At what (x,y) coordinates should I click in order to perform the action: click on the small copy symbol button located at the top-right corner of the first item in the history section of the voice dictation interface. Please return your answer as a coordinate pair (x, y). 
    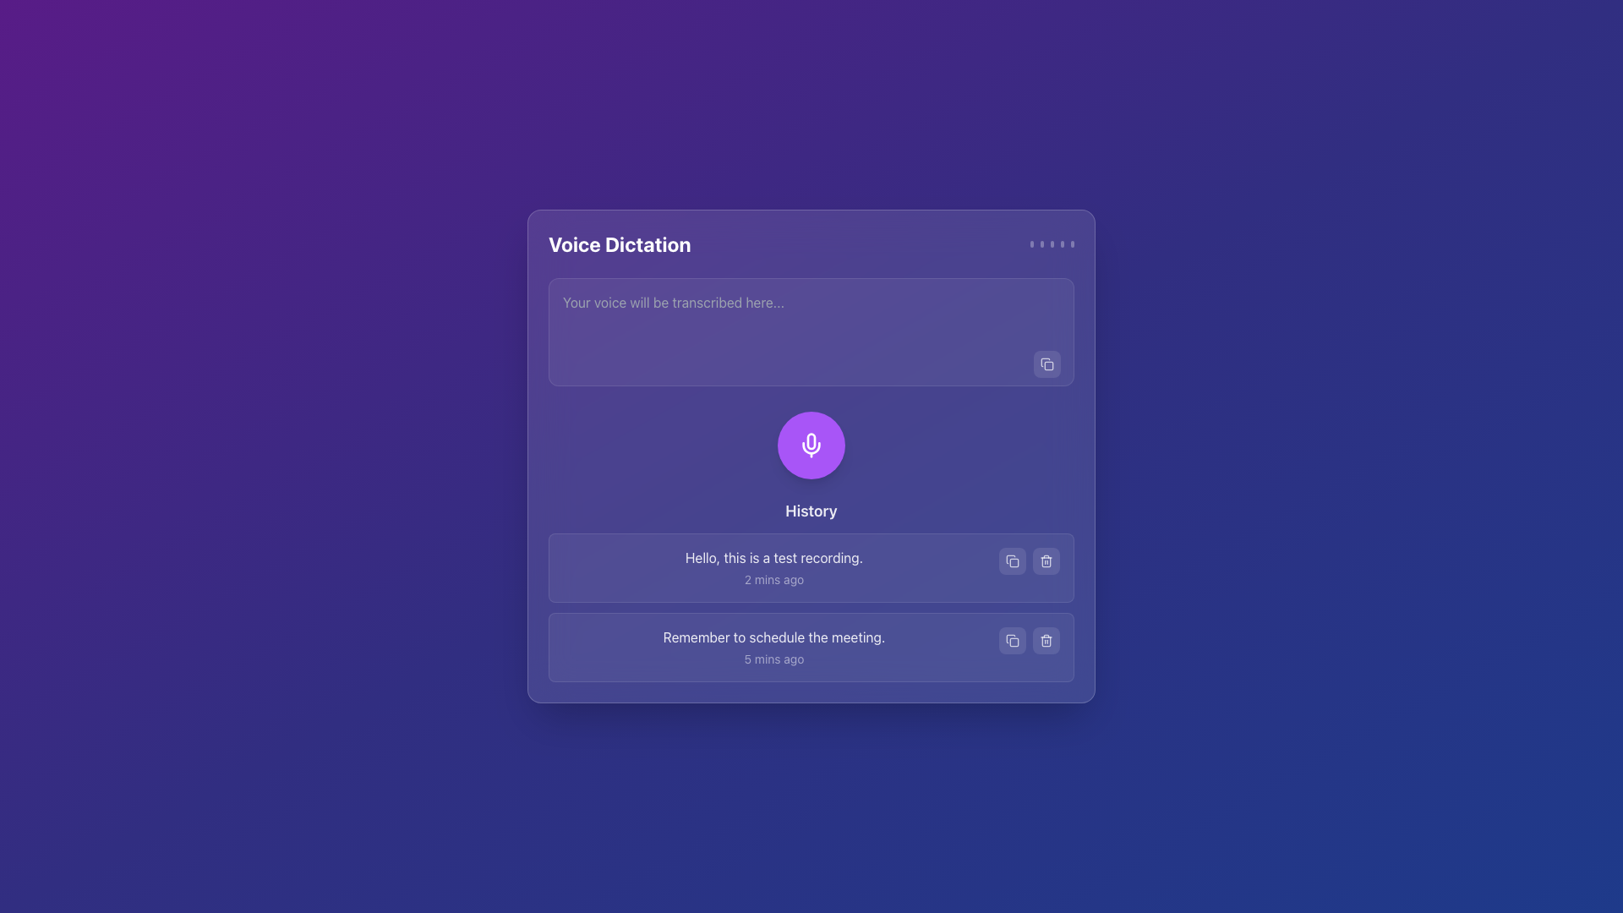
    Looking at the image, I should click on (1013, 560).